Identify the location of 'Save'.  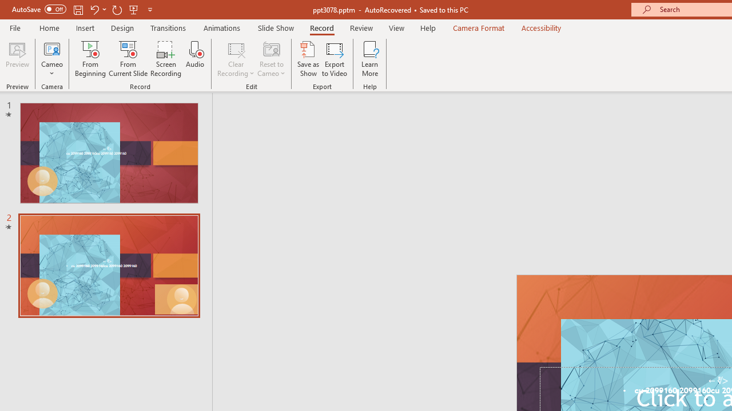
(77, 9).